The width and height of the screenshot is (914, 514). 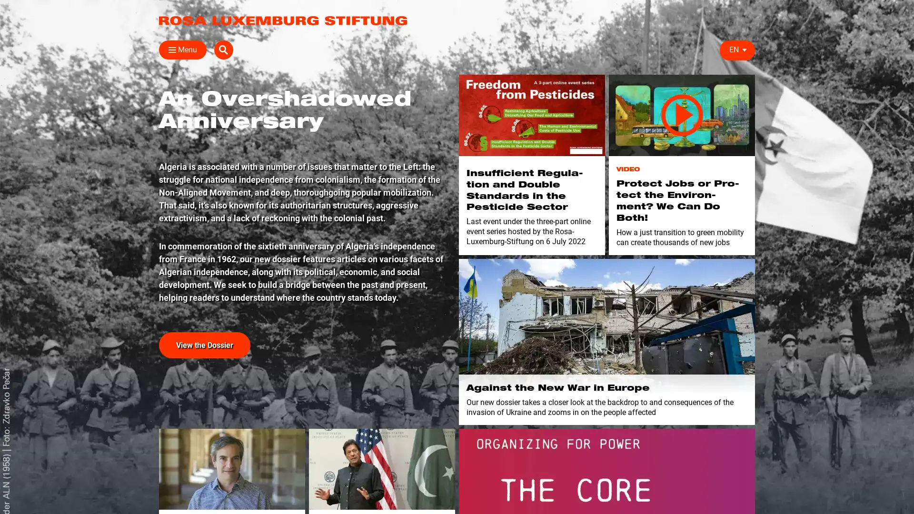 I want to click on Show more / less, so click(x=303, y=143).